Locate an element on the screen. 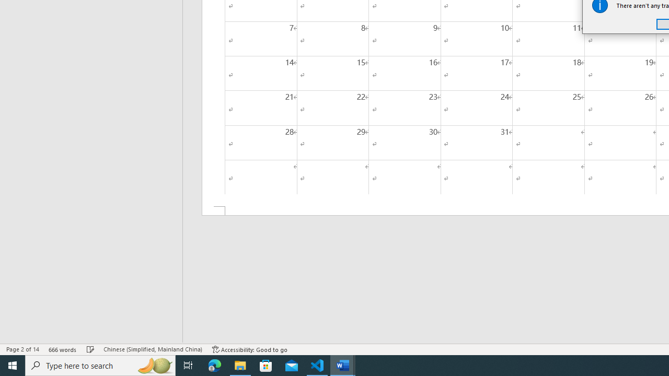  'Word - 2 running windows' is located at coordinates (343, 365).